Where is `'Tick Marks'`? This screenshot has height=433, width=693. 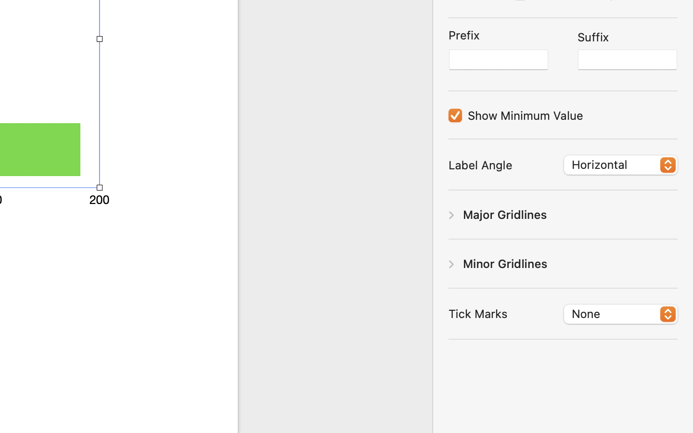
'Tick Marks' is located at coordinates (477, 313).